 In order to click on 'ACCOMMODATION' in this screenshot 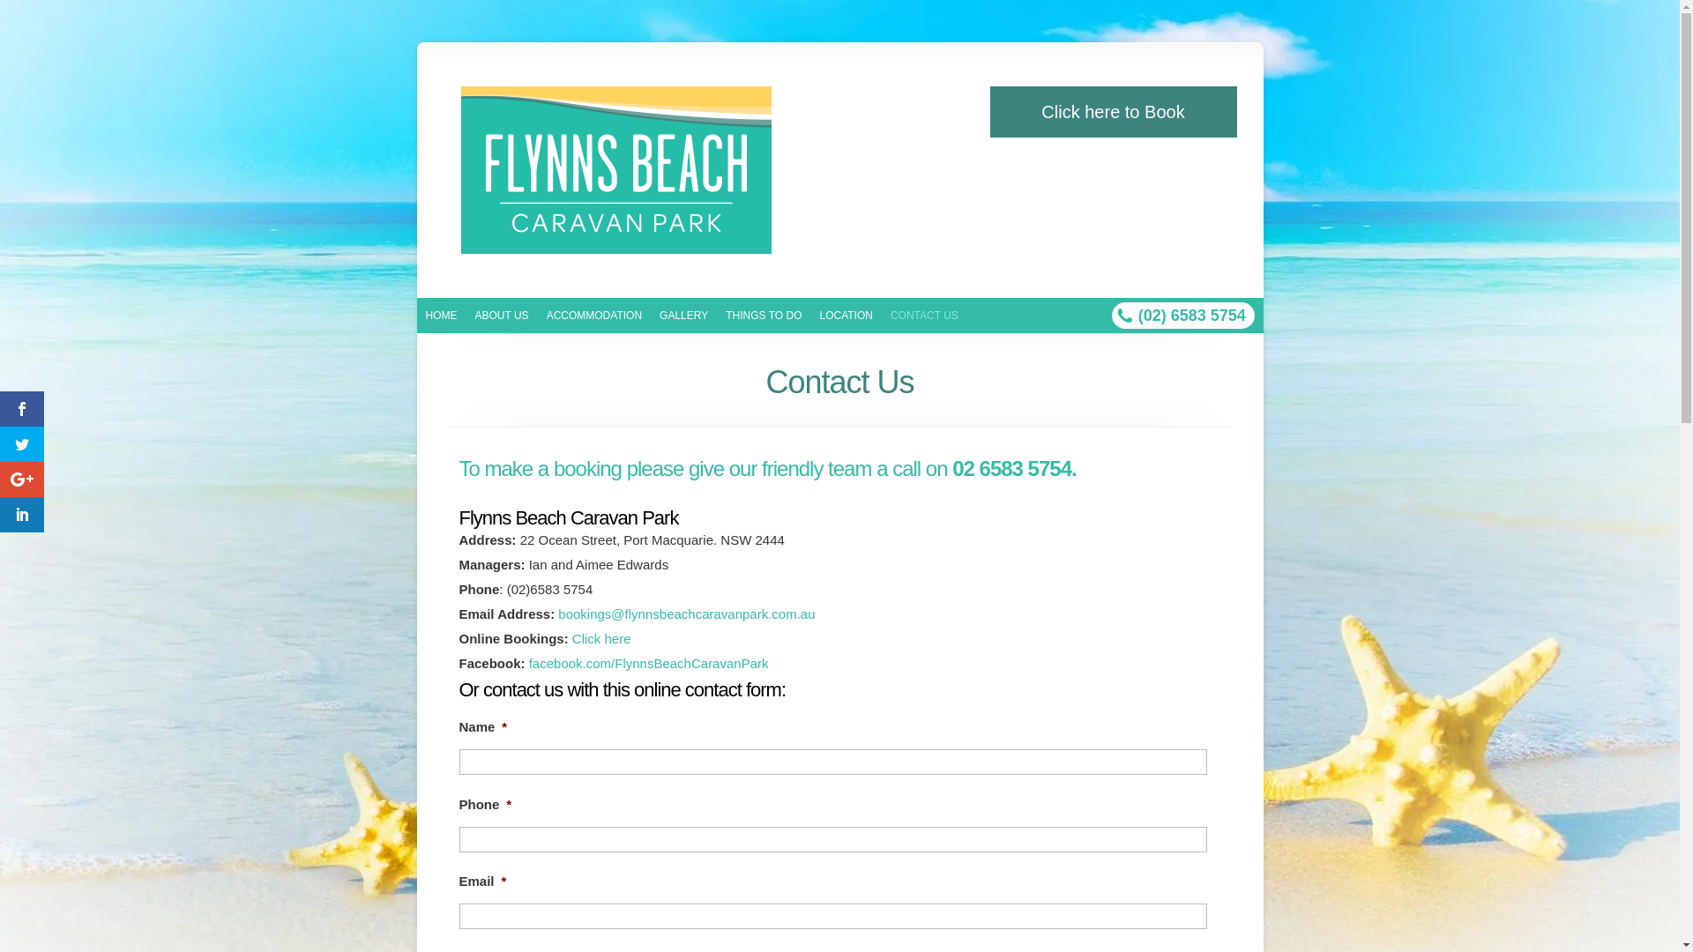, I will do `click(593, 315)`.